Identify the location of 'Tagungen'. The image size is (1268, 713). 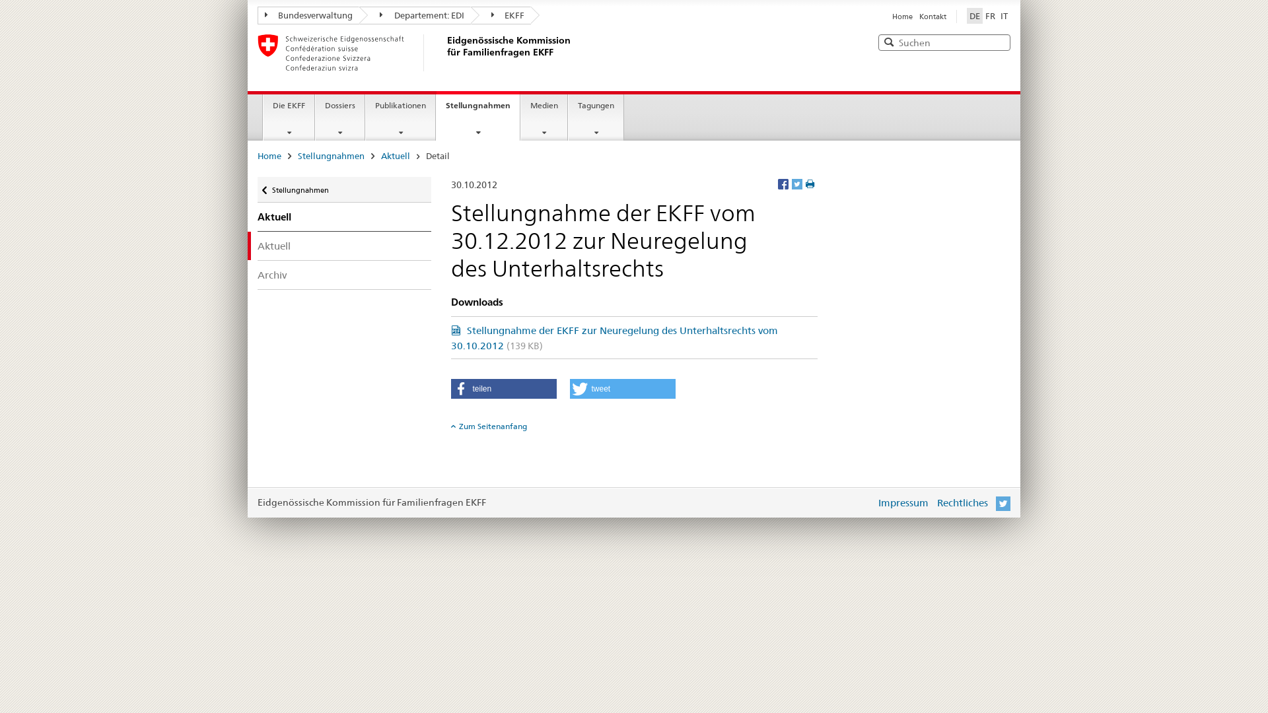
(595, 116).